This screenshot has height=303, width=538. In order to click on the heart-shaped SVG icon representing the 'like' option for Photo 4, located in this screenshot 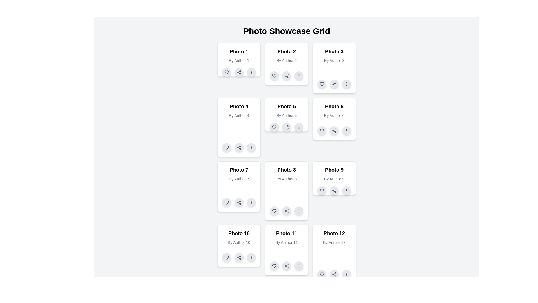, I will do `click(227, 147)`.